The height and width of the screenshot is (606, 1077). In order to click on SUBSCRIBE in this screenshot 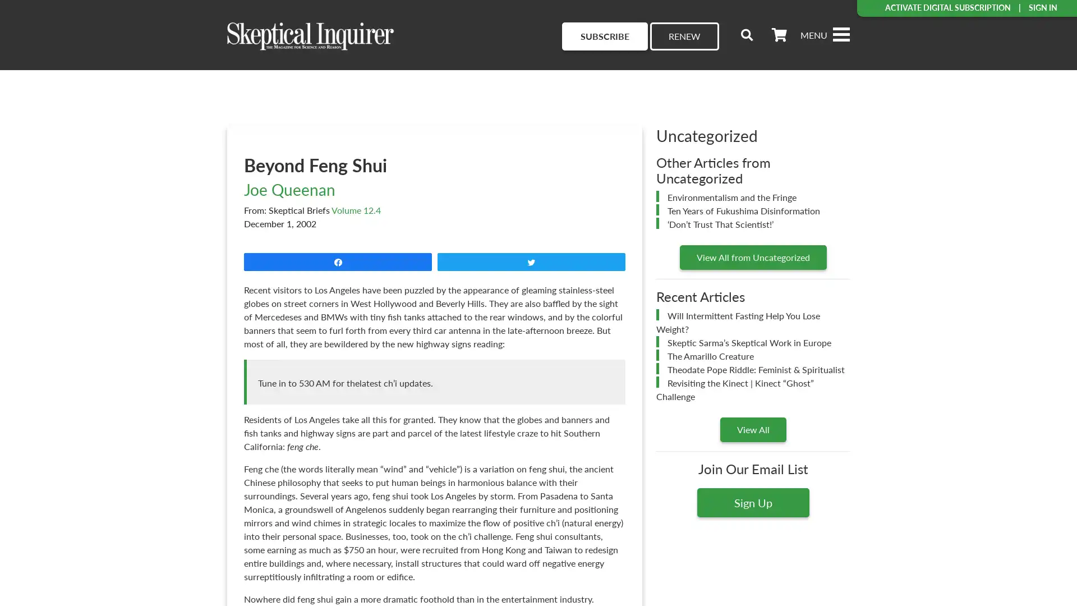, I will do `click(604, 36)`.